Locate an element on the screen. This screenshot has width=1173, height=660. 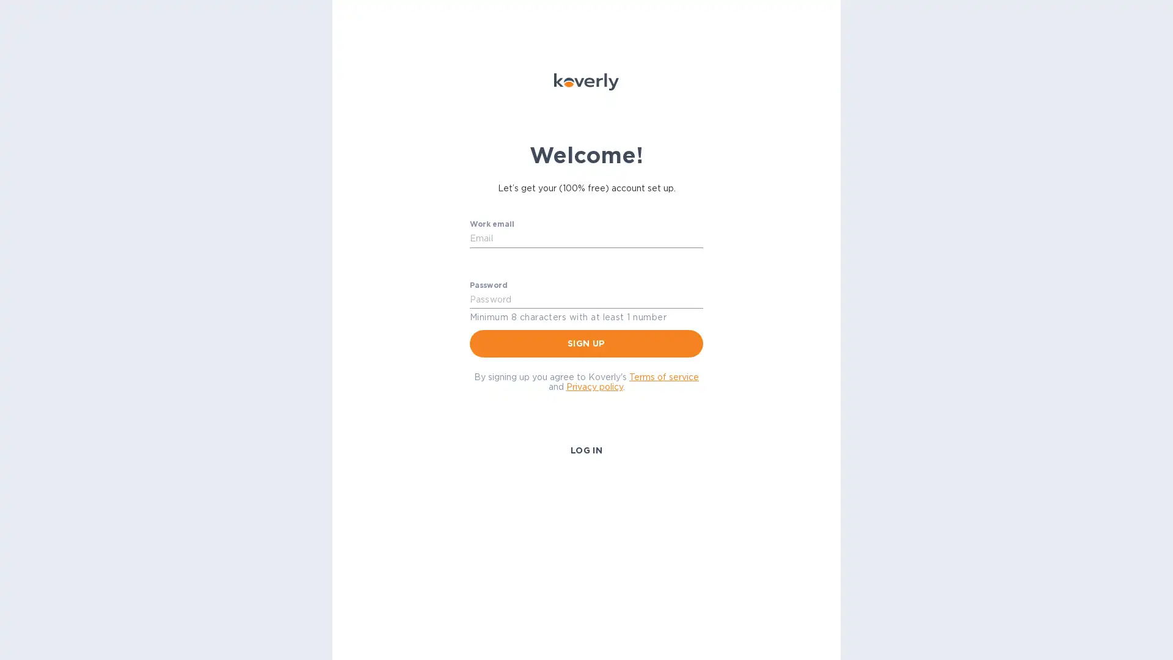
LOG IN is located at coordinates (585, 450).